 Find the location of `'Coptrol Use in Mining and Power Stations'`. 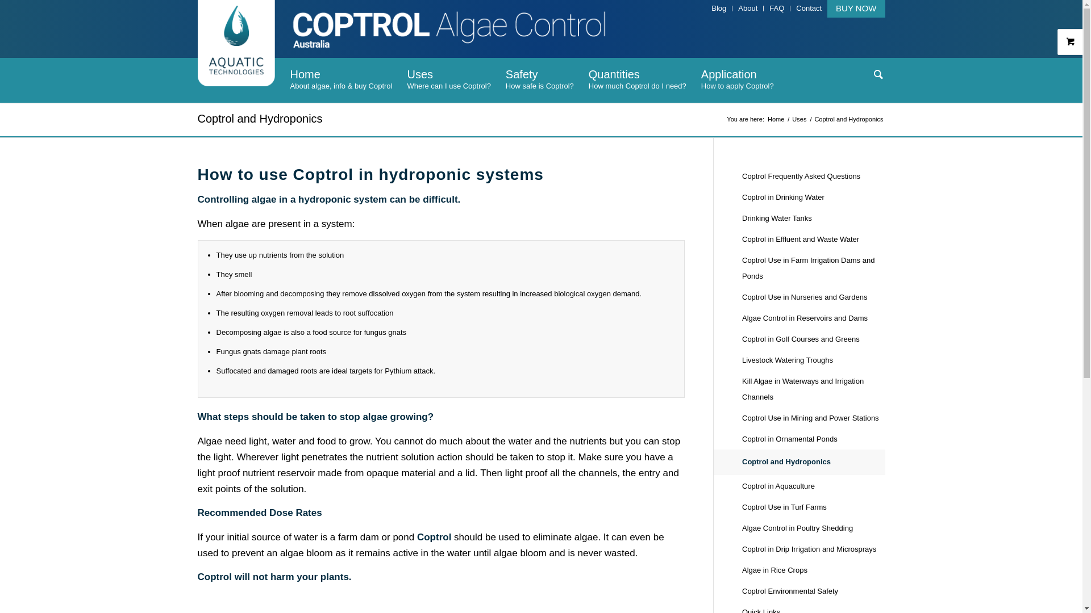

'Coptrol Use in Mining and Power Stations' is located at coordinates (813, 418).